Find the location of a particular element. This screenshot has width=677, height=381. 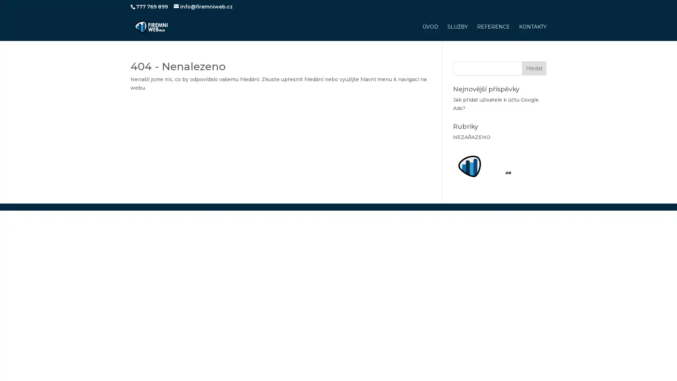

Hledat is located at coordinates (534, 68).